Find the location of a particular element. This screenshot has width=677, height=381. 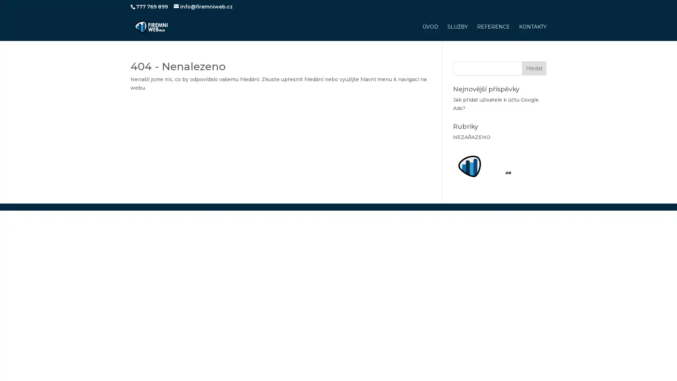

Hledat is located at coordinates (534, 68).